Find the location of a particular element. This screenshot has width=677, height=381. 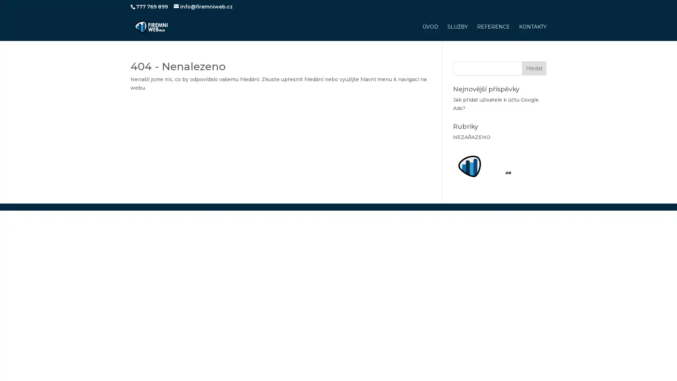

Hledat is located at coordinates (534, 68).